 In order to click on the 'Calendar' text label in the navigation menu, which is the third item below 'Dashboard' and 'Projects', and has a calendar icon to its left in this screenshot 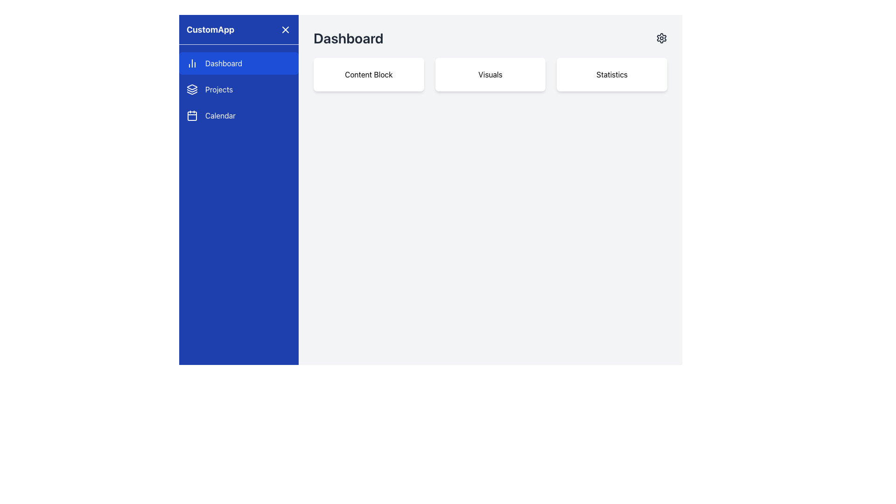, I will do `click(220, 115)`.